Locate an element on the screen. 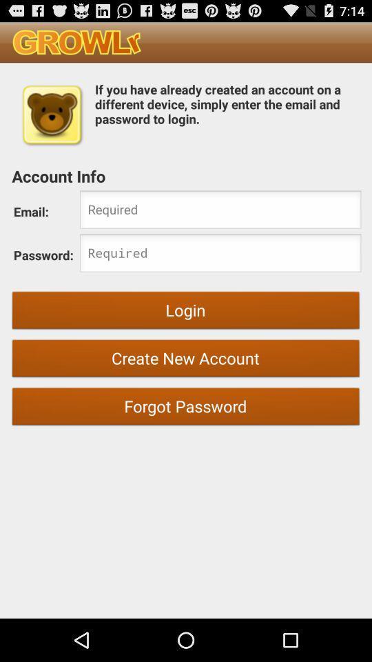  input field for email address is located at coordinates (220, 211).